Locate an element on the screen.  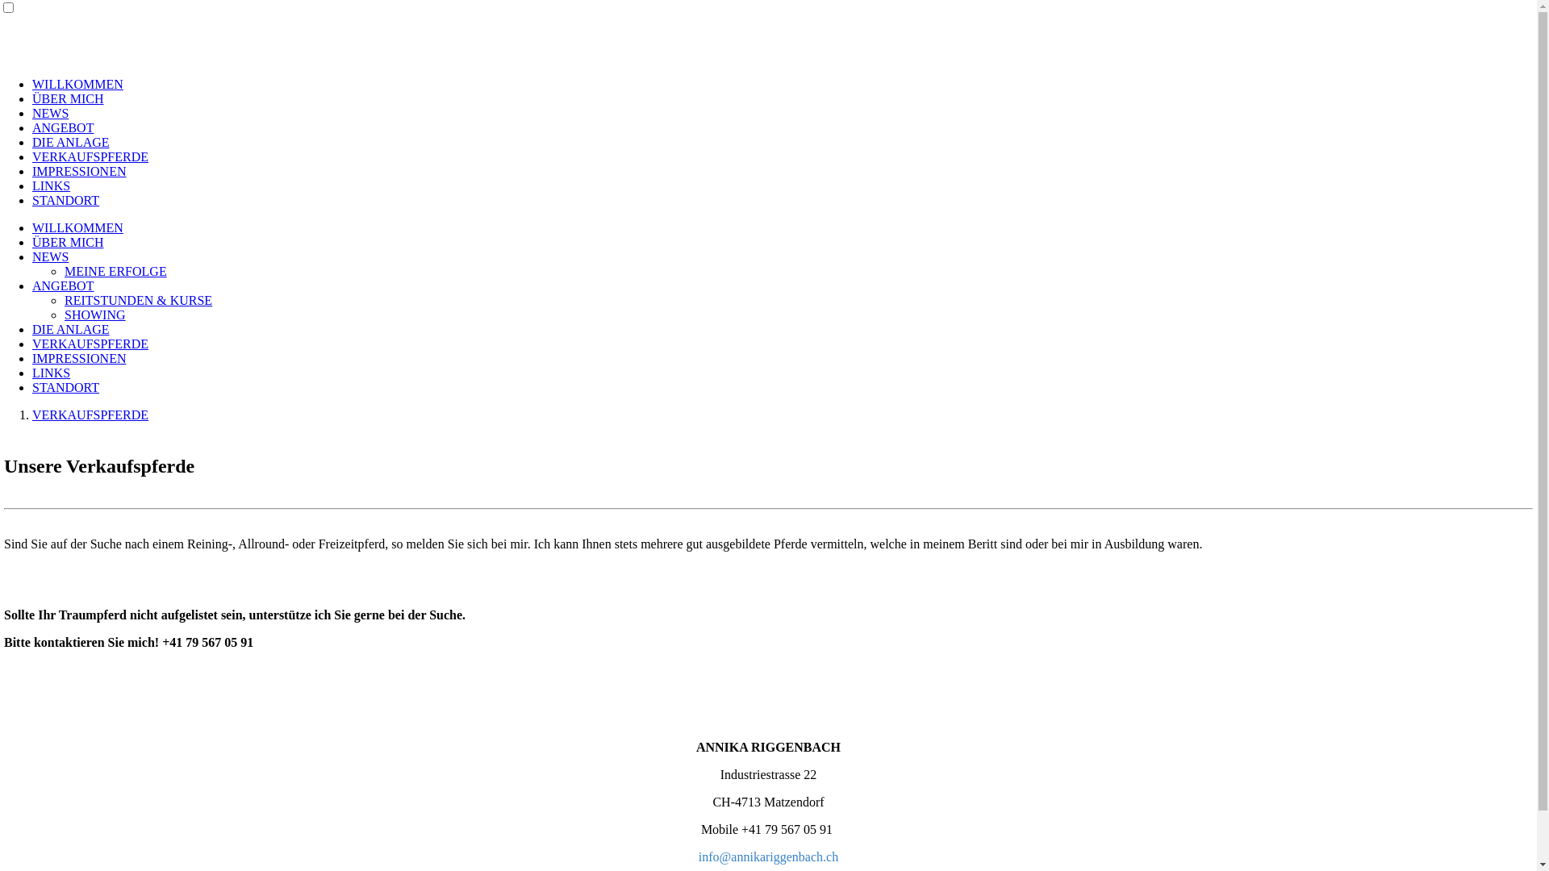
'VERKAUFSPFERDE' is located at coordinates (89, 156).